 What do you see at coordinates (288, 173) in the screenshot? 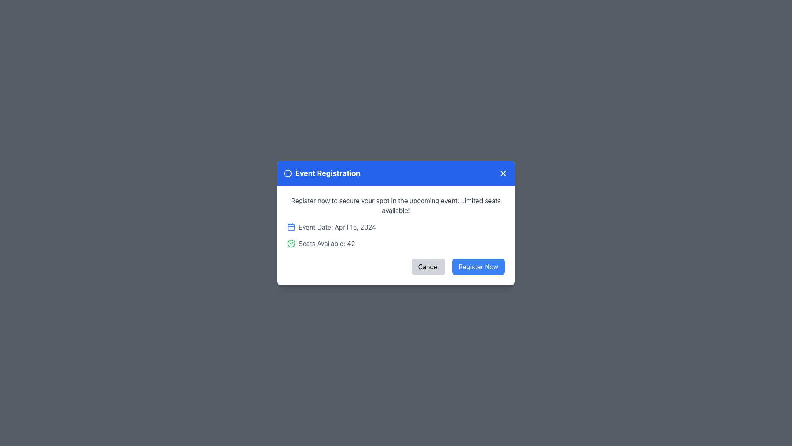
I see `the icon that serves as a visual alert related to 'Event Registration', located at the top-left corner of the dialog box, adjacent to the heading text` at bounding box center [288, 173].